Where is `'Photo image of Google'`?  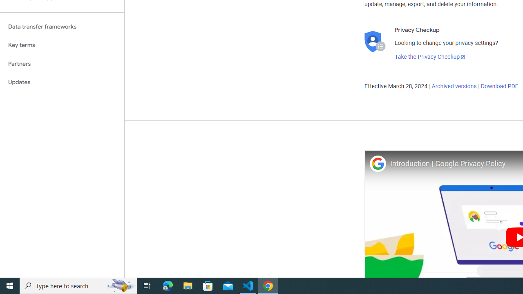 'Photo image of Google' is located at coordinates (377, 163).